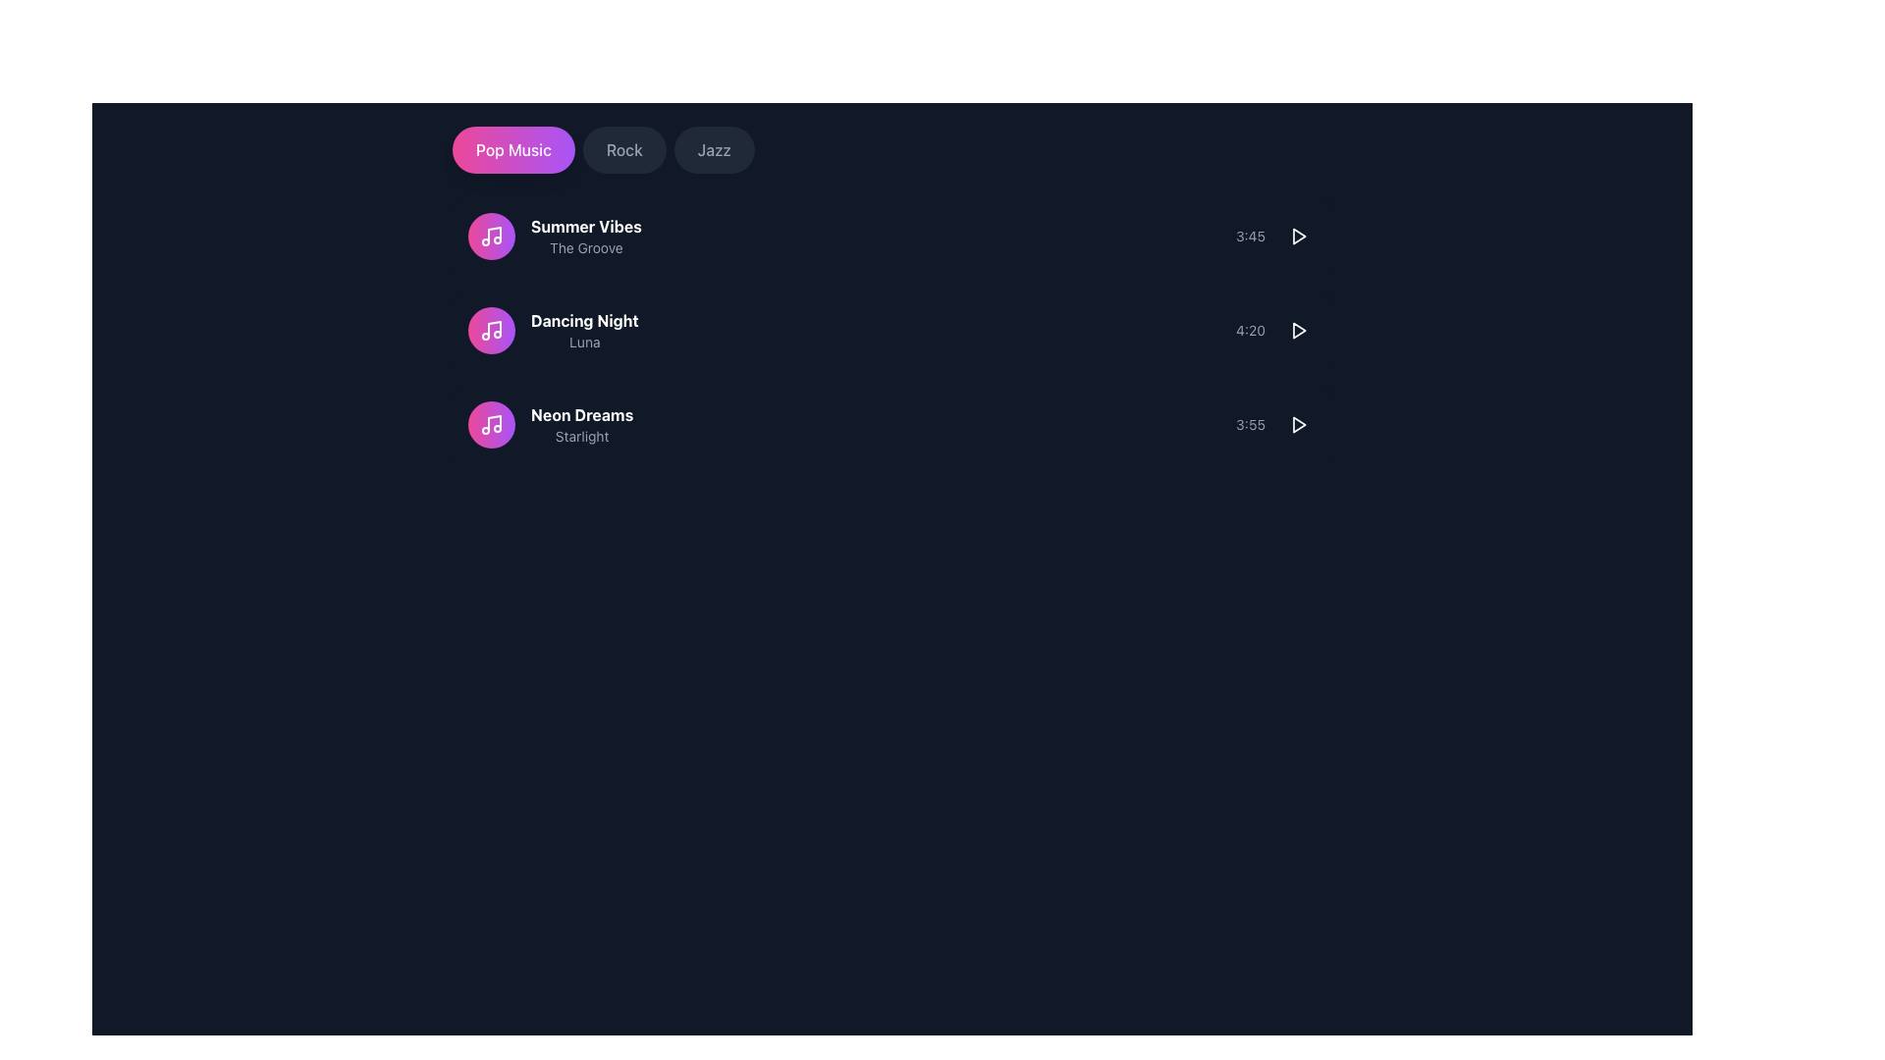 This screenshot has height=1060, width=1885. I want to click on the music track icon associated with the text label 'Summer Vibes' and 'The Groove', so click(491, 235).